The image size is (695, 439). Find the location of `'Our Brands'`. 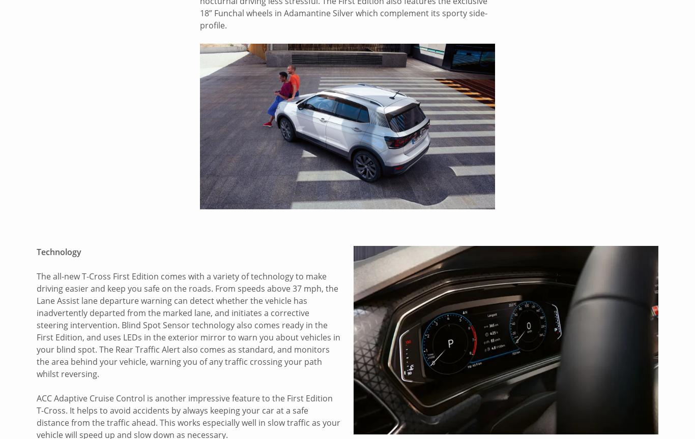

'Our Brands' is located at coordinates (59, 172).